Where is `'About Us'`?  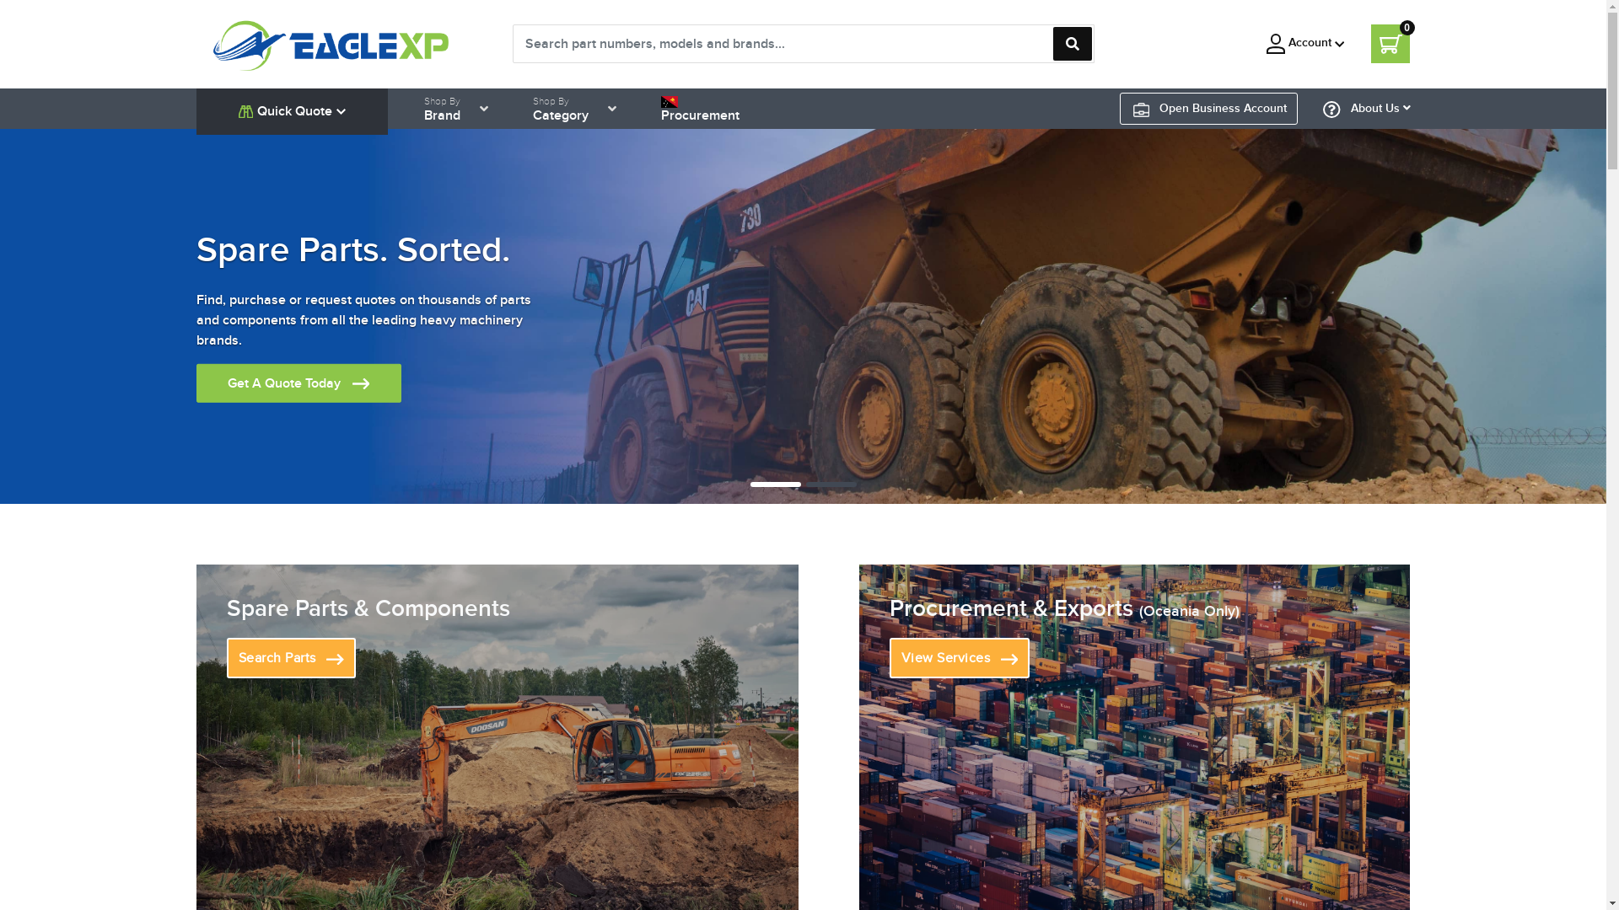
'About Us' is located at coordinates (1367, 108).